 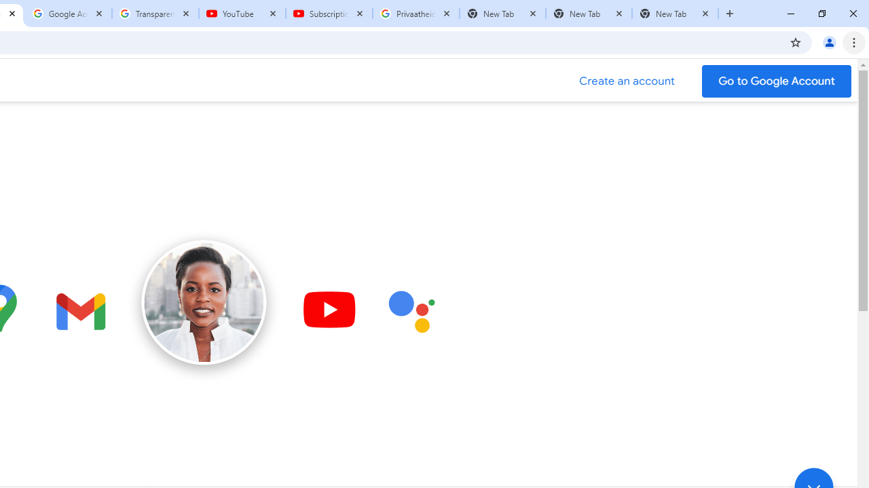 What do you see at coordinates (329, 14) in the screenshot?
I see `'Subscriptions - YouTube'` at bounding box center [329, 14].